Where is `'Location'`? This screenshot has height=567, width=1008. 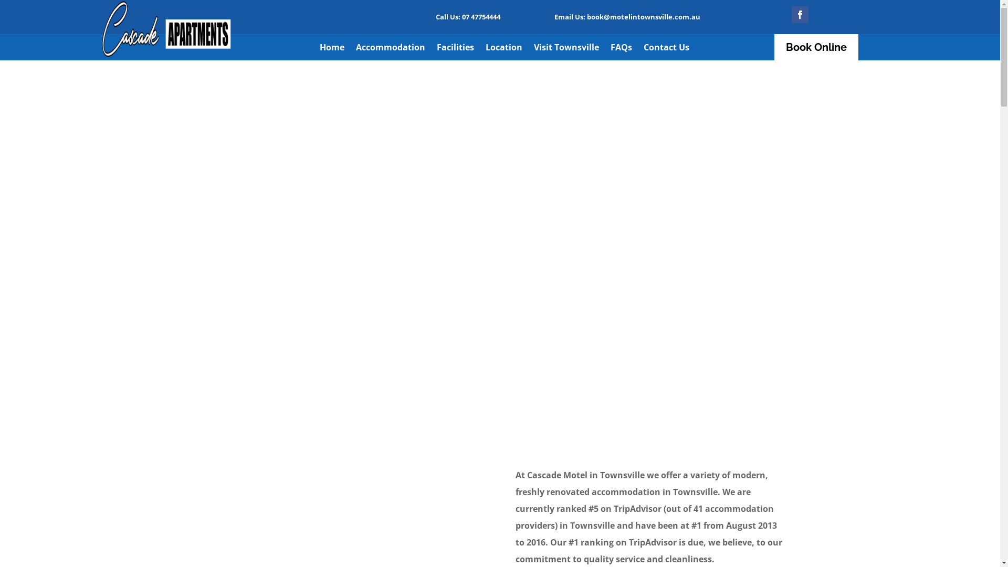
'Location' is located at coordinates (504, 49).